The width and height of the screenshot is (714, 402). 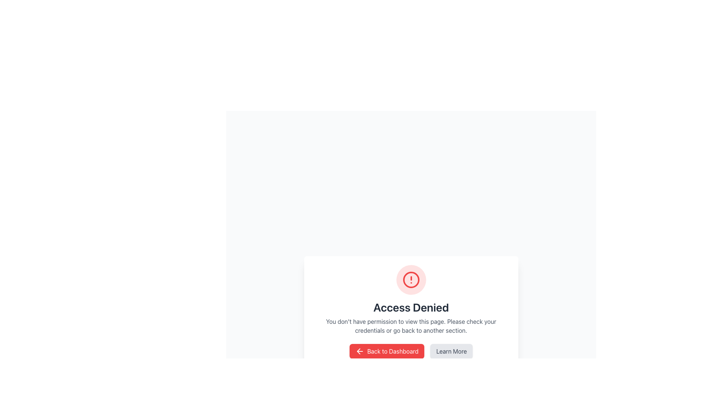 What do you see at coordinates (411, 280) in the screenshot?
I see `the circular alert icon indicating 'Access Denied' status, which is positioned at the top-center of the notification panel` at bounding box center [411, 280].